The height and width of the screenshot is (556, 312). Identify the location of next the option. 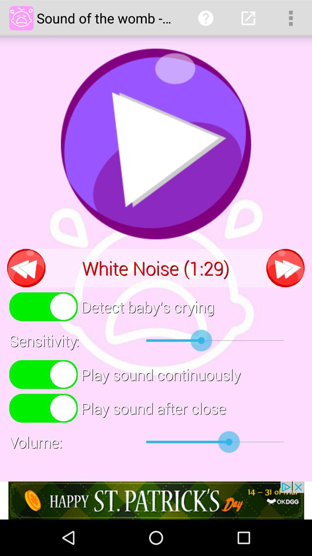
(285, 268).